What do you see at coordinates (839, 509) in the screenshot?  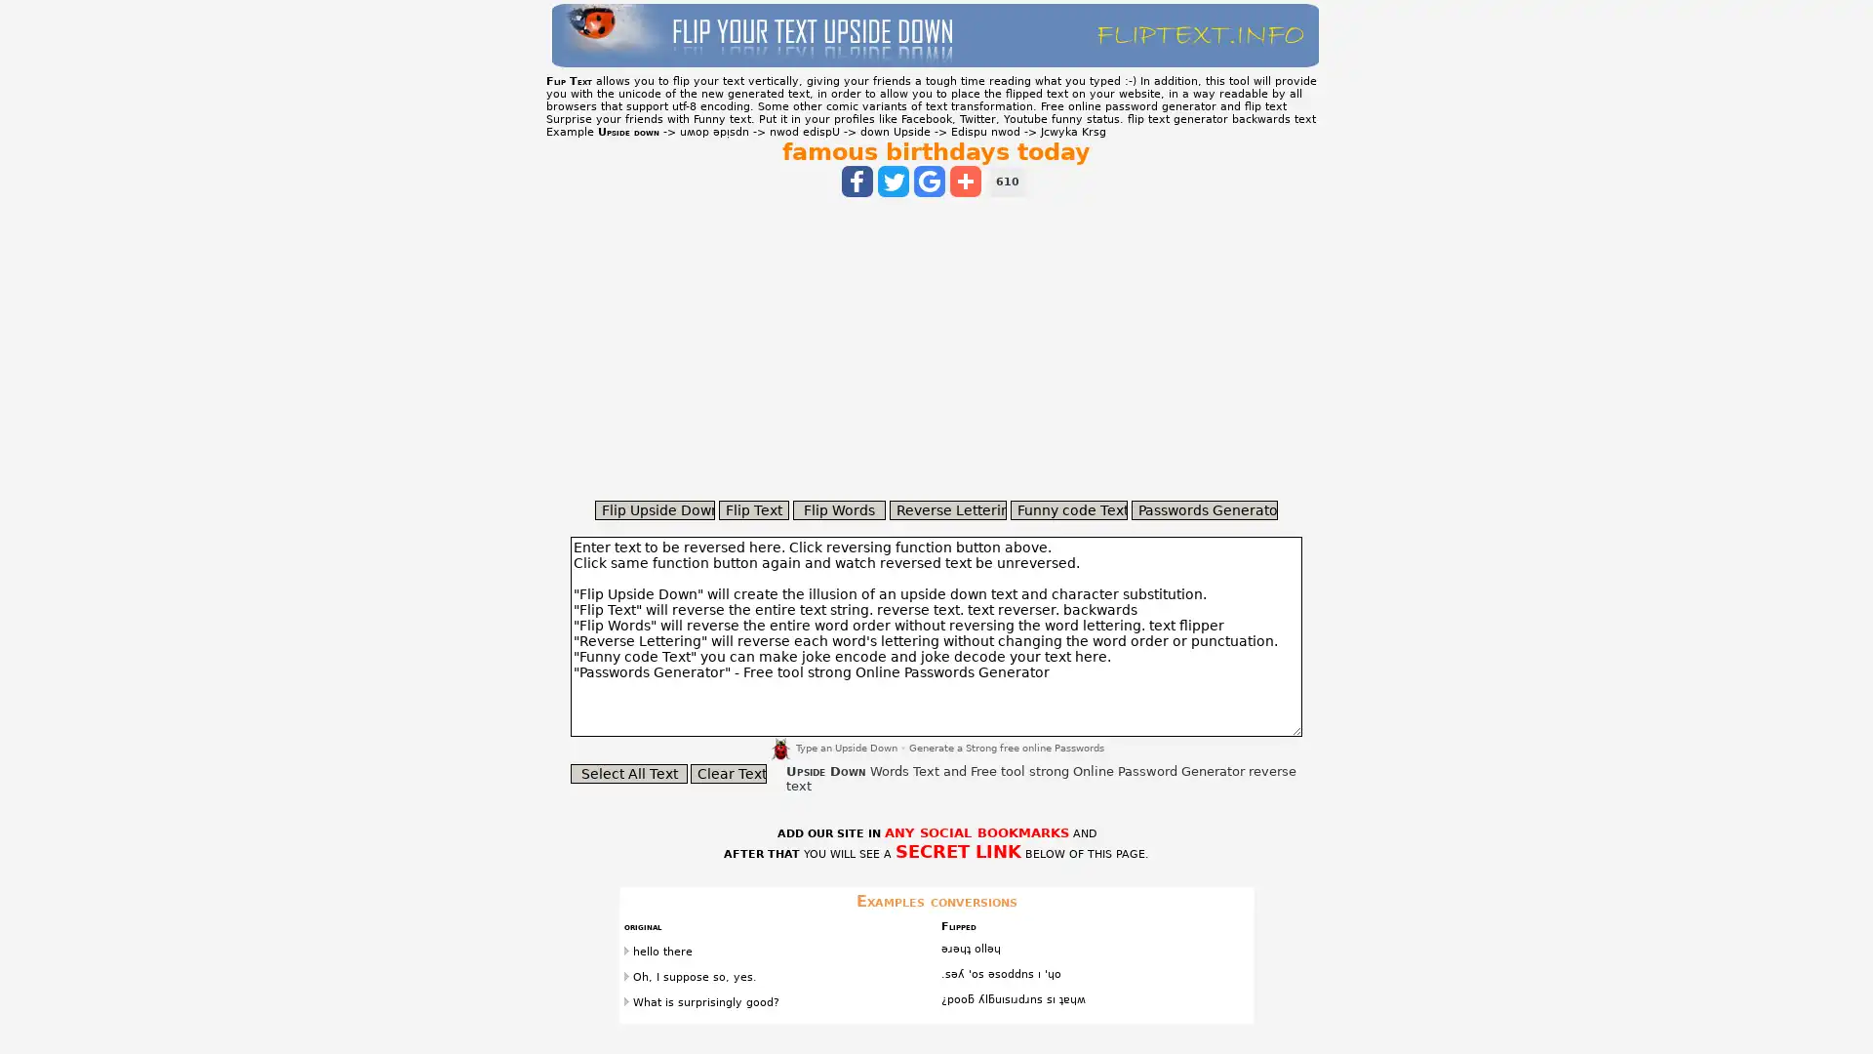 I see `Flip Words` at bounding box center [839, 509].